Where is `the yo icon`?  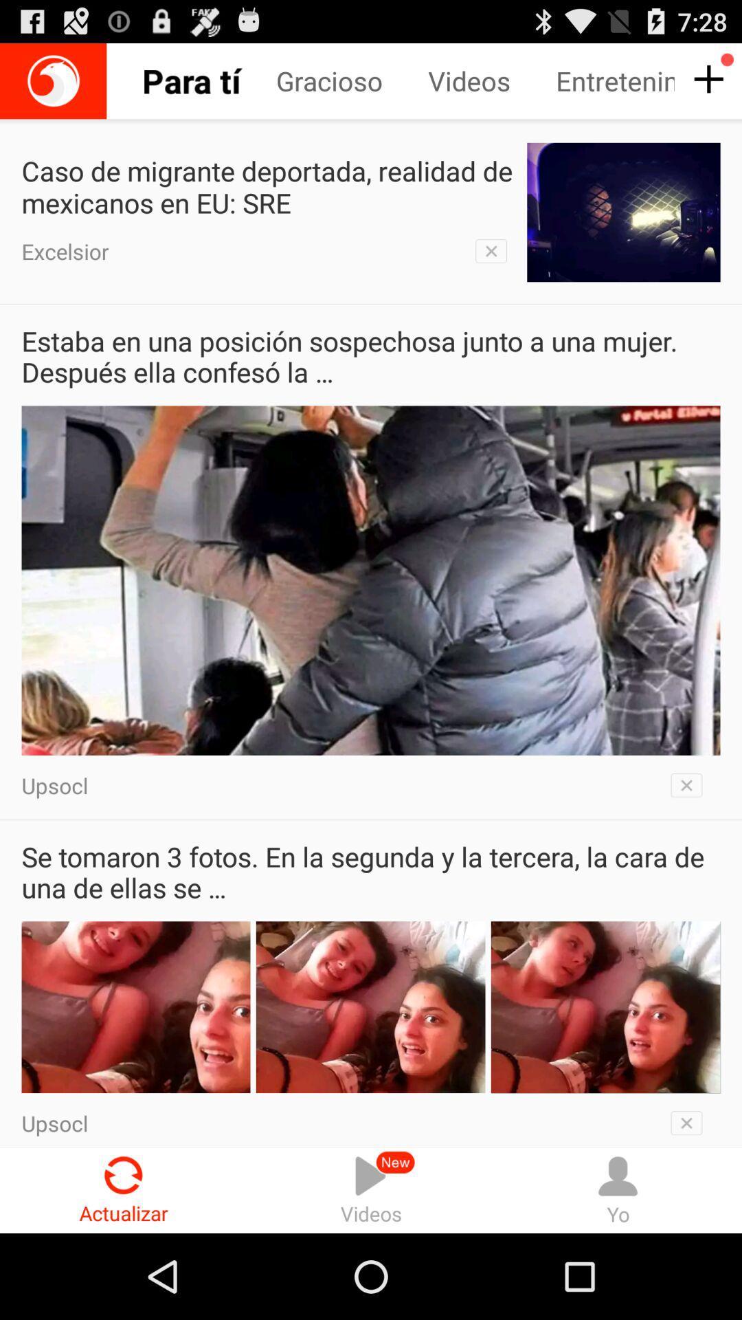
the yo icon is located at coordinates (617, 1189).